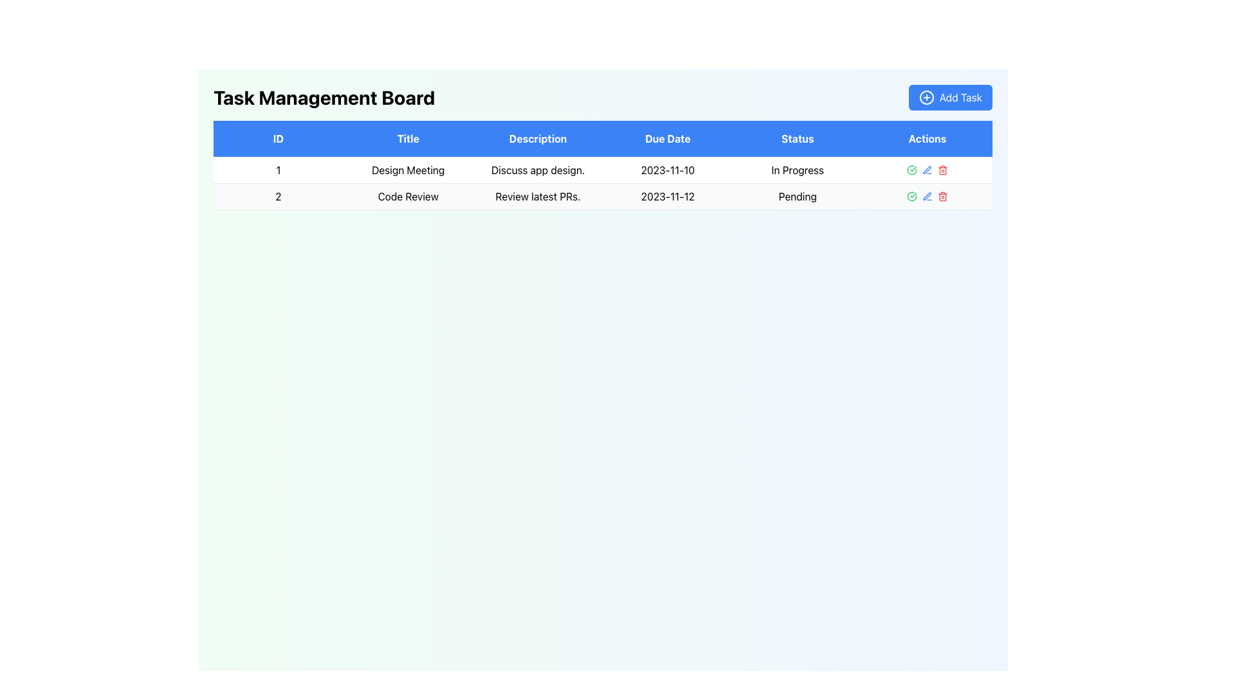  Describe the element at coordinates (943, 196) in the screenshot. I see `the red trash can icon located in the 'Actions' column of the second row in the task management table` at that location.